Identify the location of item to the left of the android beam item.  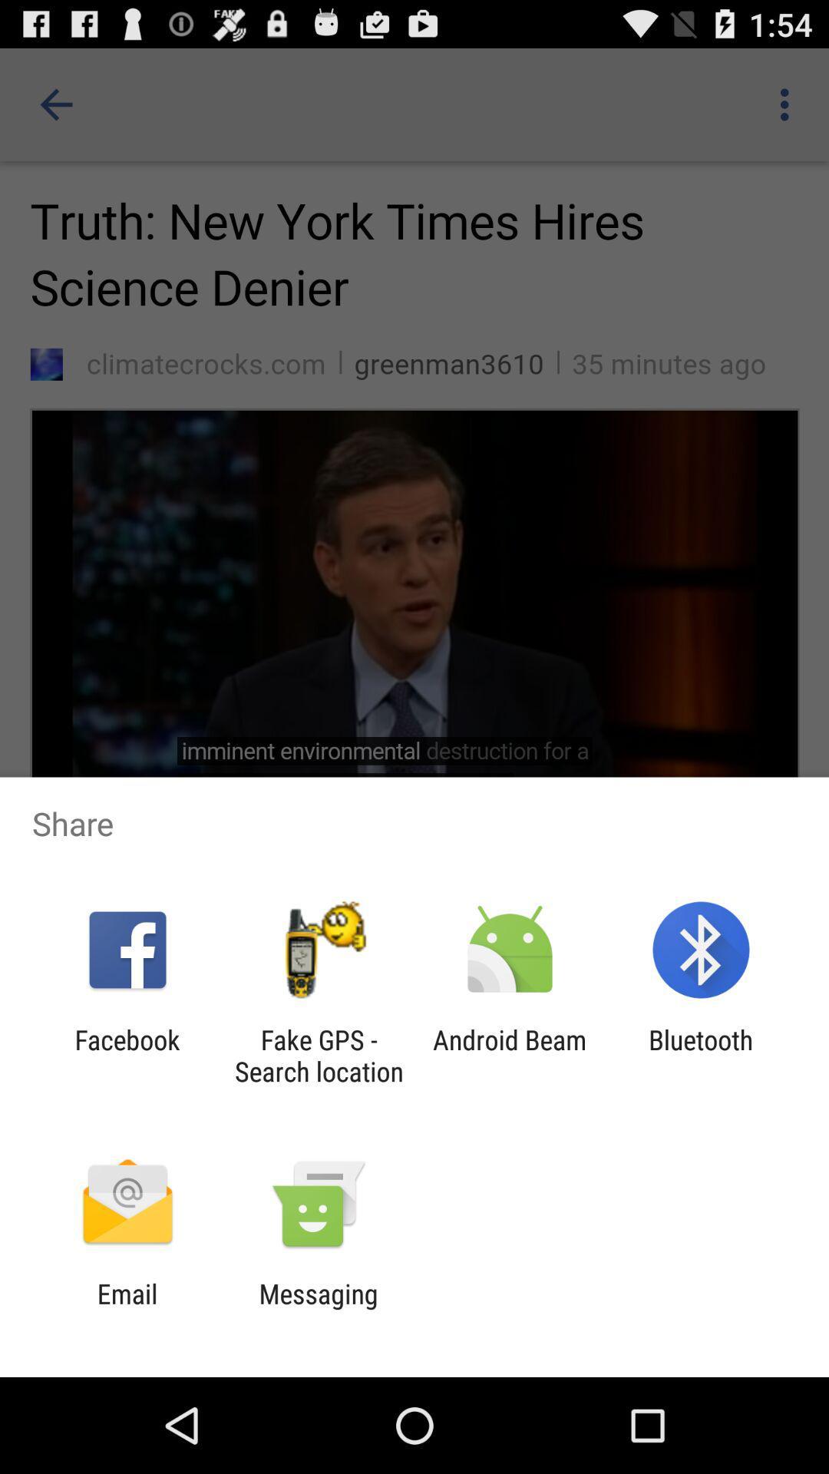
(318, 1055).